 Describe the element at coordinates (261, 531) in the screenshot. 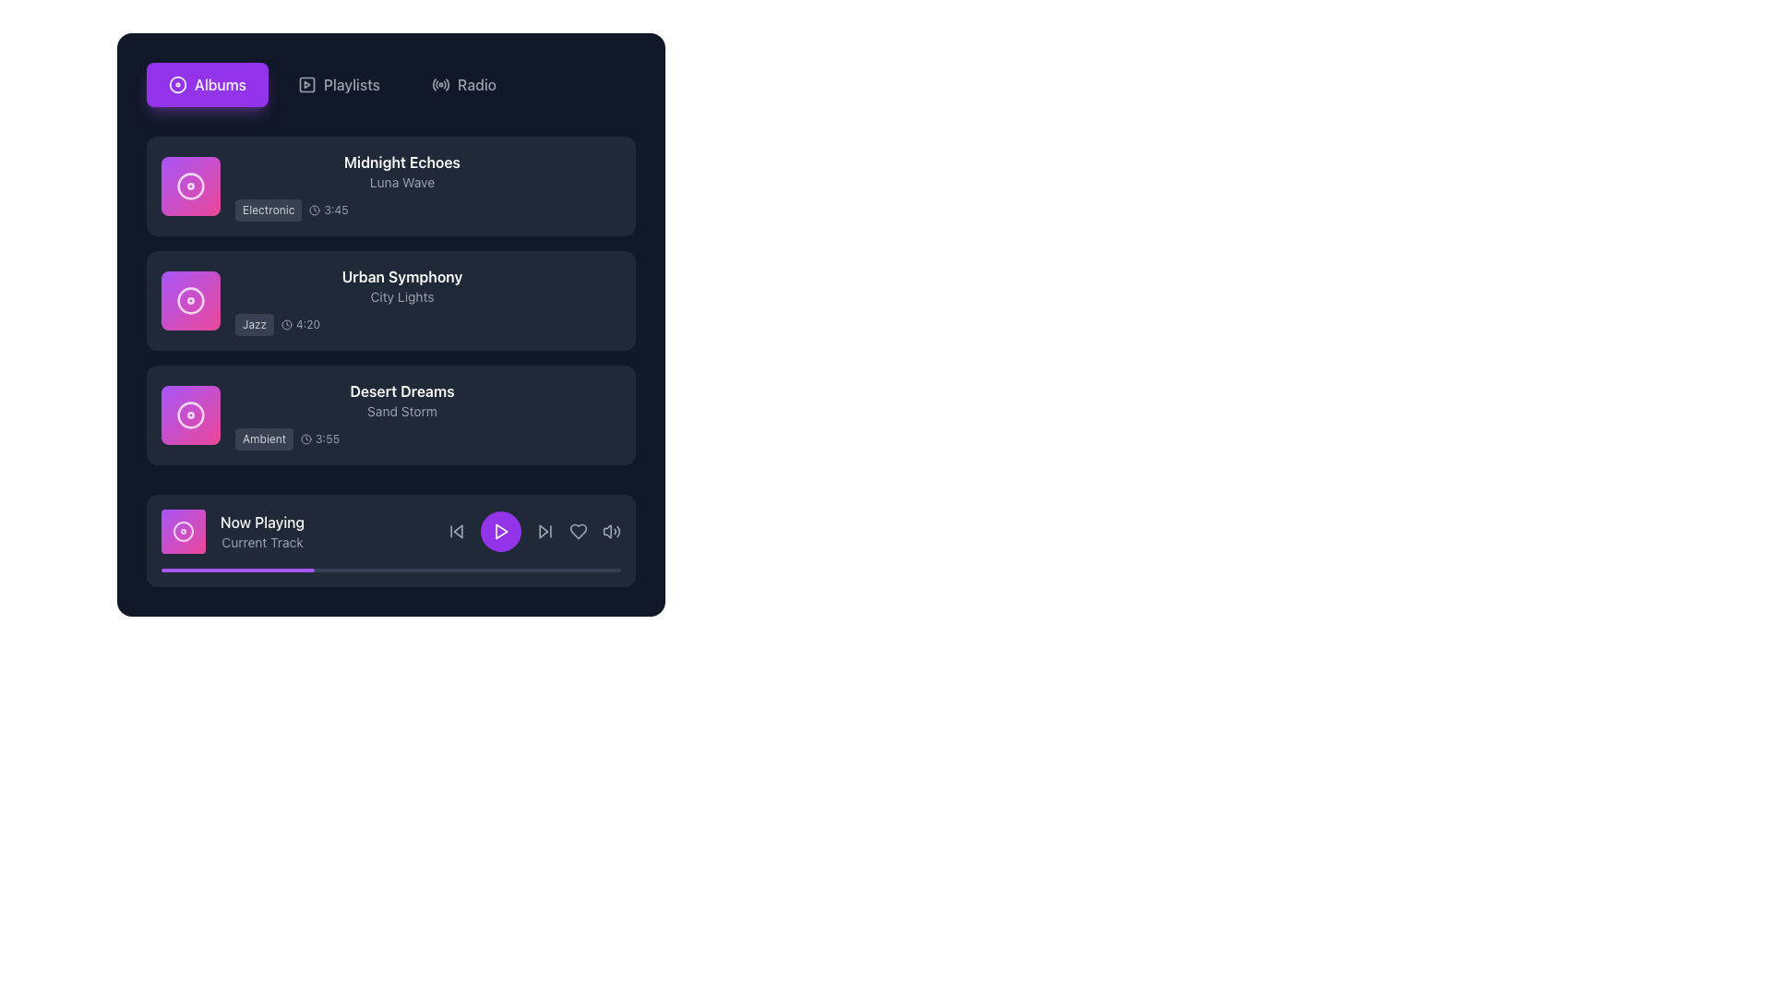

I see `the Text label that displays the status of the currently playing media, including the title ('Now Playing') and the track label ('Current Track')` at that location.